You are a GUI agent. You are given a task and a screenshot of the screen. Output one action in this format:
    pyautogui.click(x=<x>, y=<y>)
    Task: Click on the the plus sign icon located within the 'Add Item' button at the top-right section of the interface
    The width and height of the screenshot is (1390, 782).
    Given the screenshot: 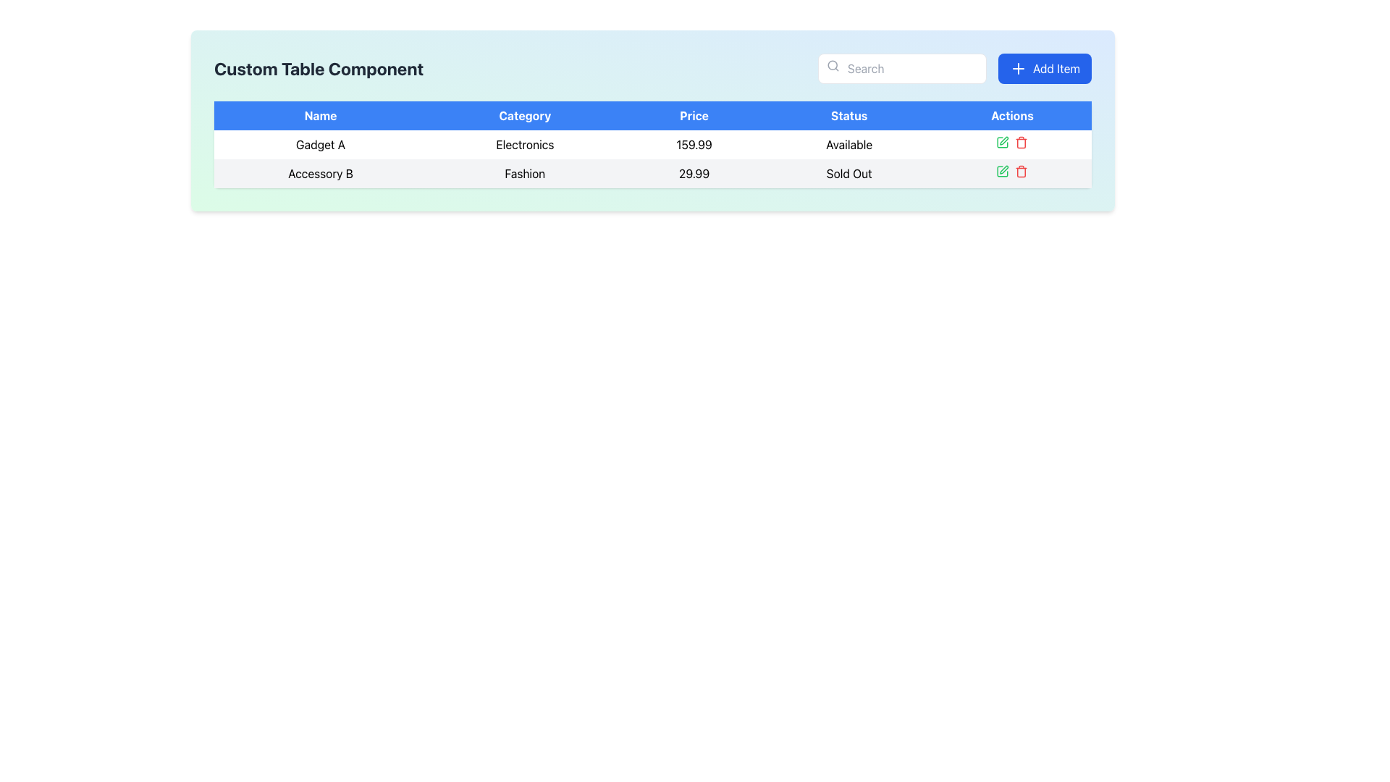 What is the action you would take?
    pyautogui.click(x=1017, y=69)
    